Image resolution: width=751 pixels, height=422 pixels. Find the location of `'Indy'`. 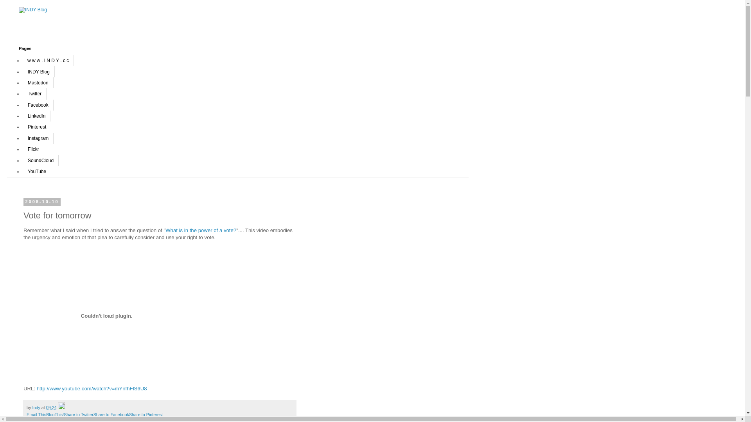

'Indy' is located at coordinates (36, 407).